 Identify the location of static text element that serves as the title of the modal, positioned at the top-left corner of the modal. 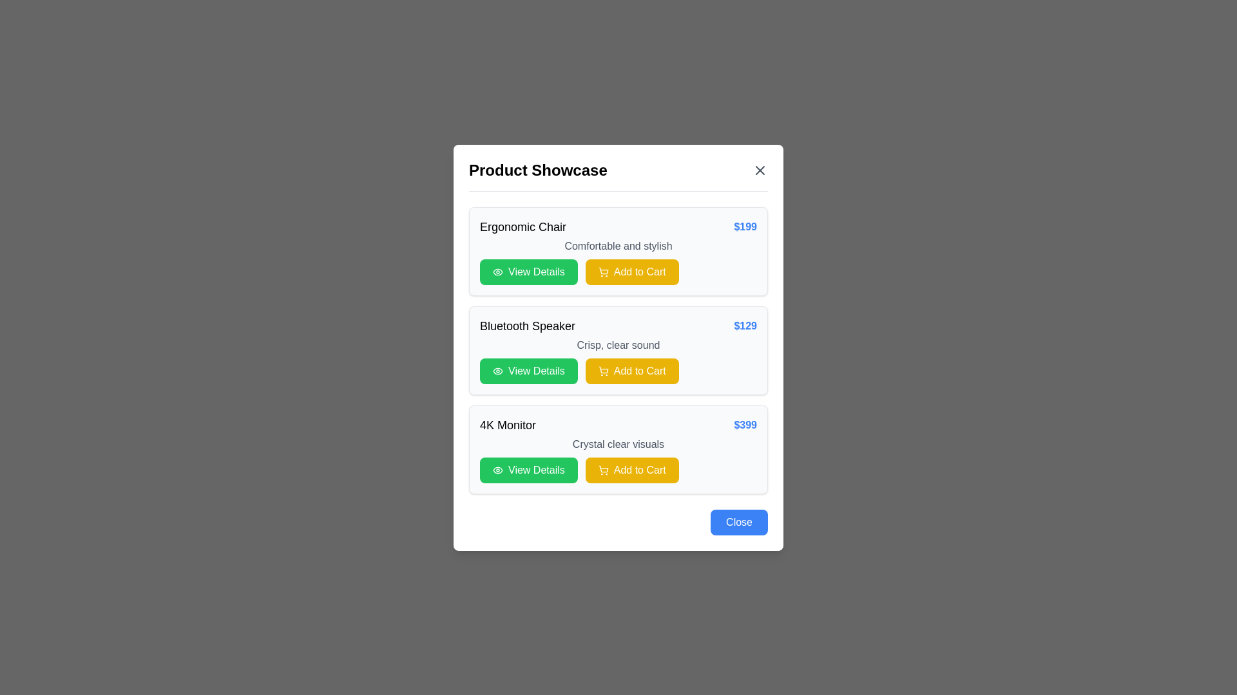
(538, 169).